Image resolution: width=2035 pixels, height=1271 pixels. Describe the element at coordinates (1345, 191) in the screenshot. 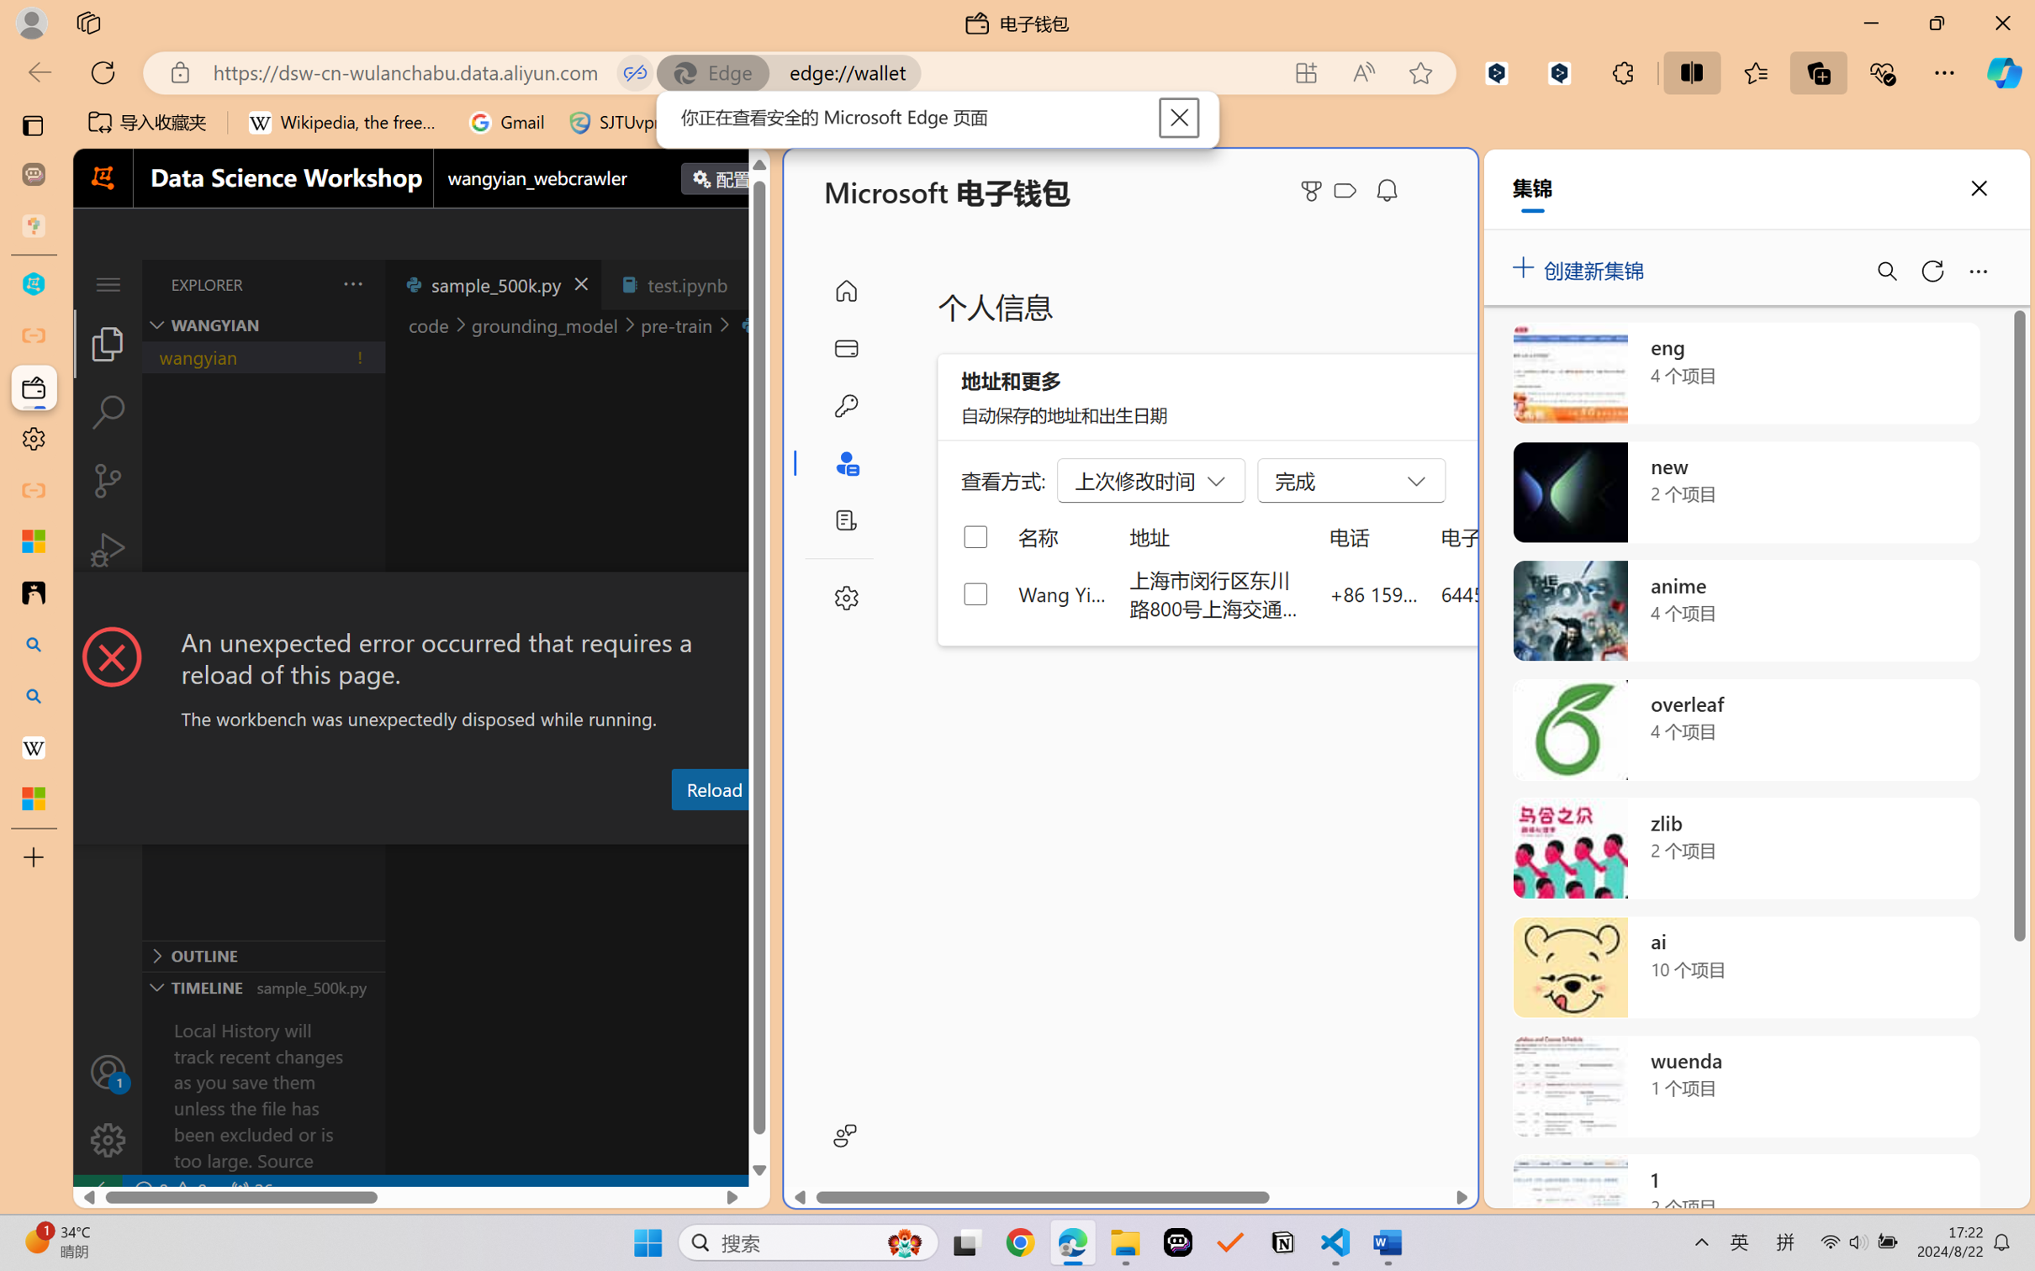

I see `'Class: ___1lmltc5 f1agt3bx f12qytpq'` at that location.